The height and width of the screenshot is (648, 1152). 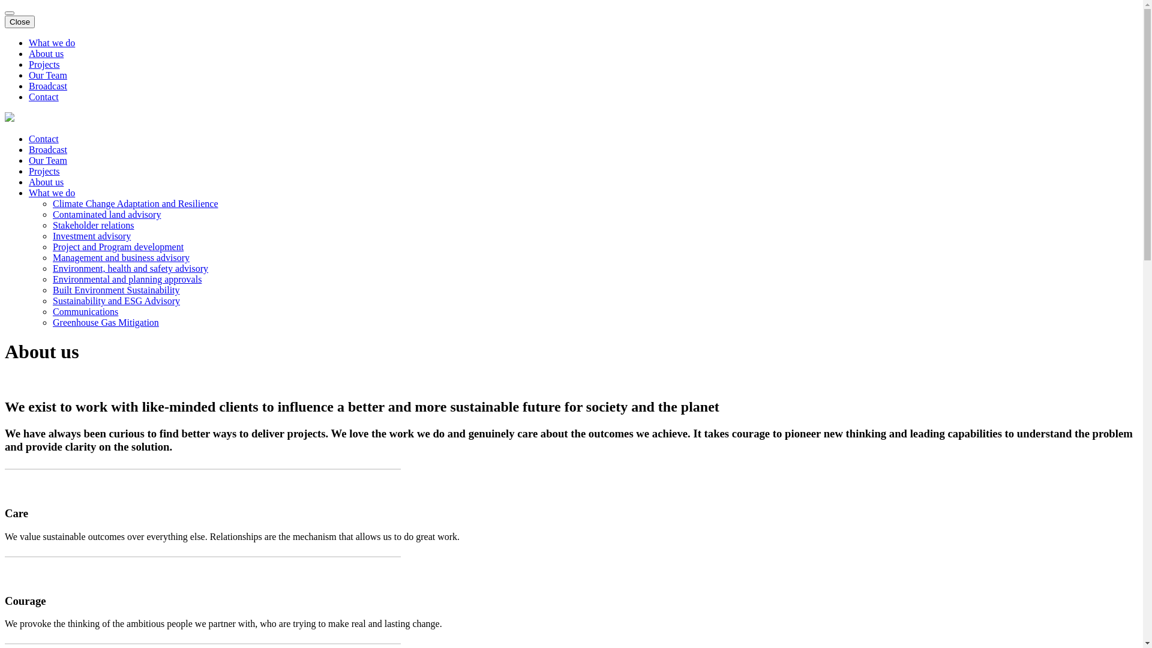 I want to click on 'Stakeholder relations', so click(x=52, y=225).